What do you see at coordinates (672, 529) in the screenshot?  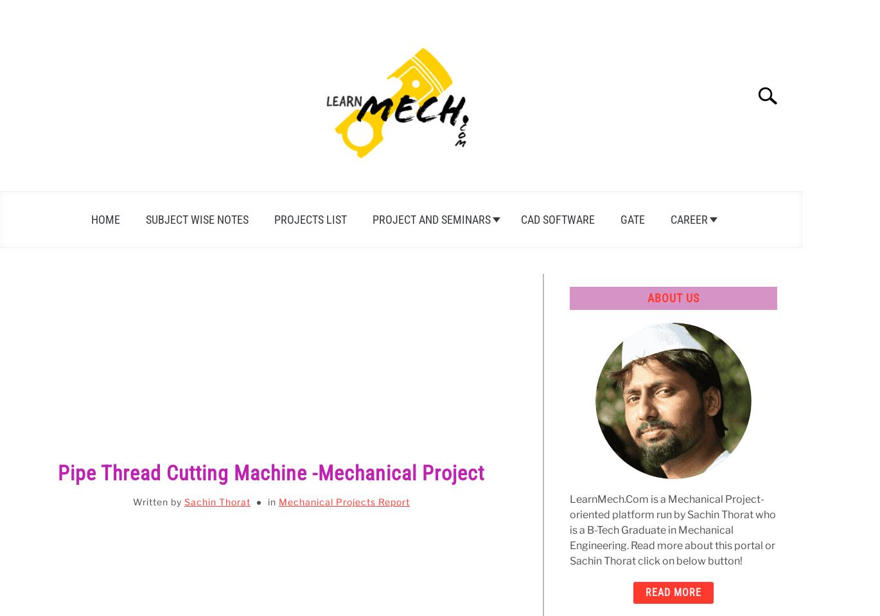 I see `'LearnMech.Com is a Mechanical Project-oriented platform run by Sachin Thorat who is a B-Tech Graduate in Mechanical Engineering. Read more about this portal or Sachin Thorat click on below button!'` at bounding box center [672, 529].